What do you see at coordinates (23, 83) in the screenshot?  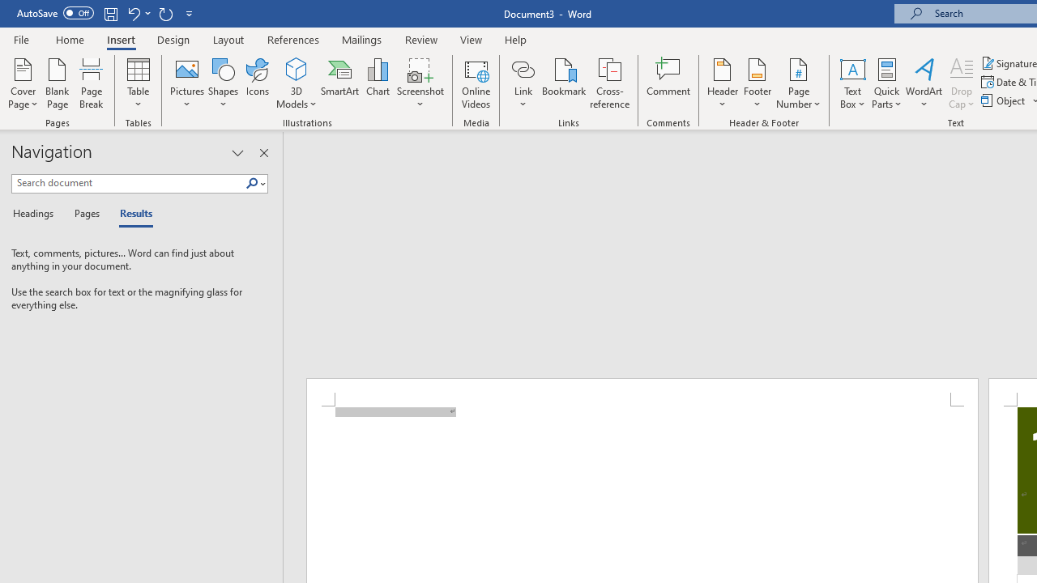 I see `'Cover Page'` at bounding box center [23, 83].